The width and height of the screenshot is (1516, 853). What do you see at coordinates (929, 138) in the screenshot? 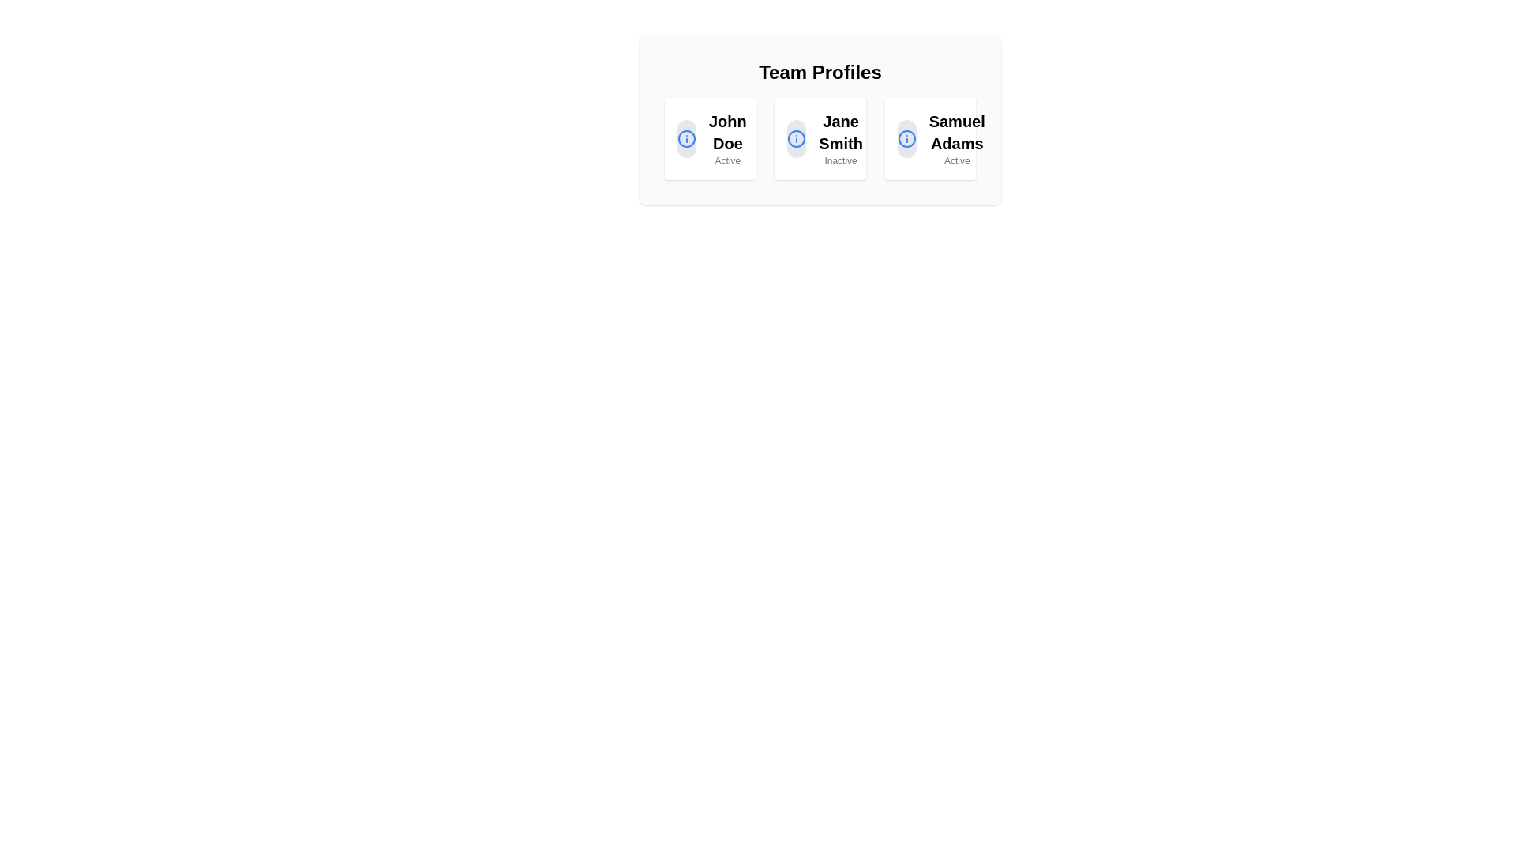
I see `the third card in the 'Team Profiles' section, which features a circular icon with a blue 'i' symbol and the name 'Samuel Adams' in bold text` at bounding box center [929, 138].